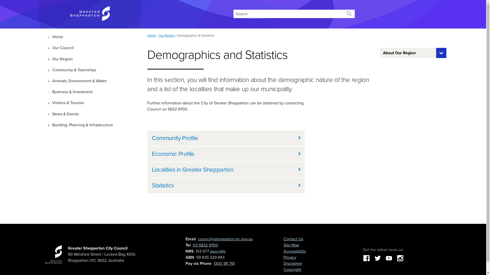  I want to click on 'Greater Shepparton City Council', so click(67, 248).